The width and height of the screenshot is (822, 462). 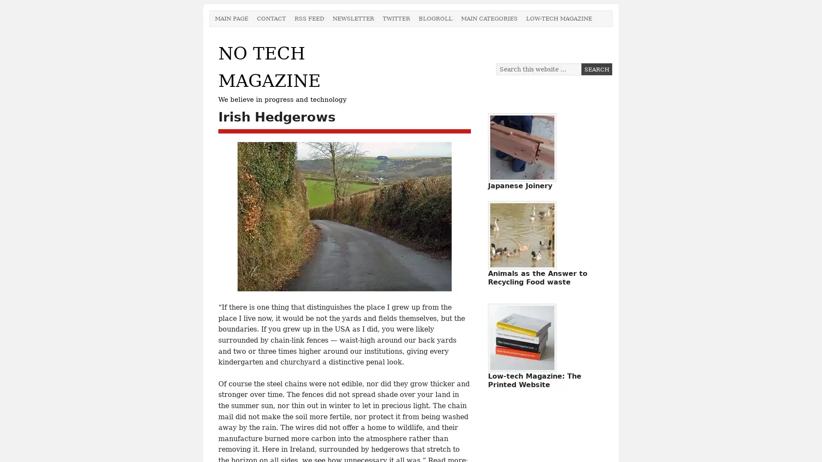 I want to click on Search, so click(x=596, y=68).